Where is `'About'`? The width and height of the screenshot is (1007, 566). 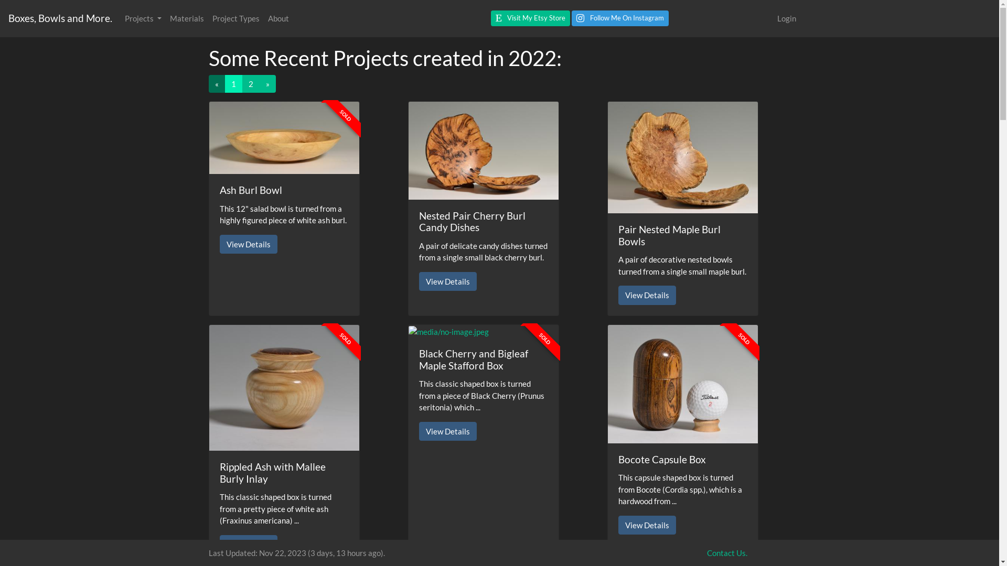 'About' is located at coordinates (264, 18).